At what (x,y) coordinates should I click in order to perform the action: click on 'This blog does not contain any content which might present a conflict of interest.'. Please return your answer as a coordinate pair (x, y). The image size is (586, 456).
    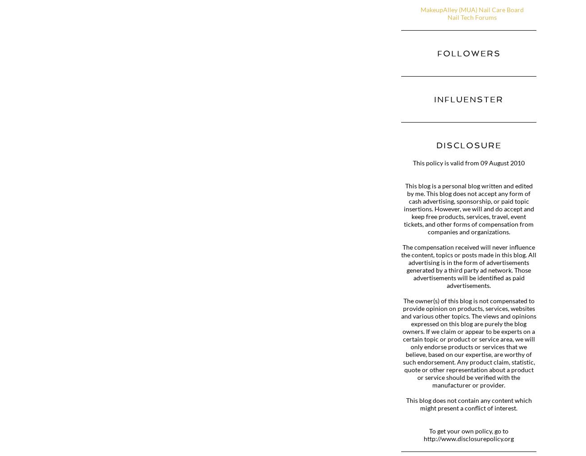
    Looking at the image, I should click on (405, 404).